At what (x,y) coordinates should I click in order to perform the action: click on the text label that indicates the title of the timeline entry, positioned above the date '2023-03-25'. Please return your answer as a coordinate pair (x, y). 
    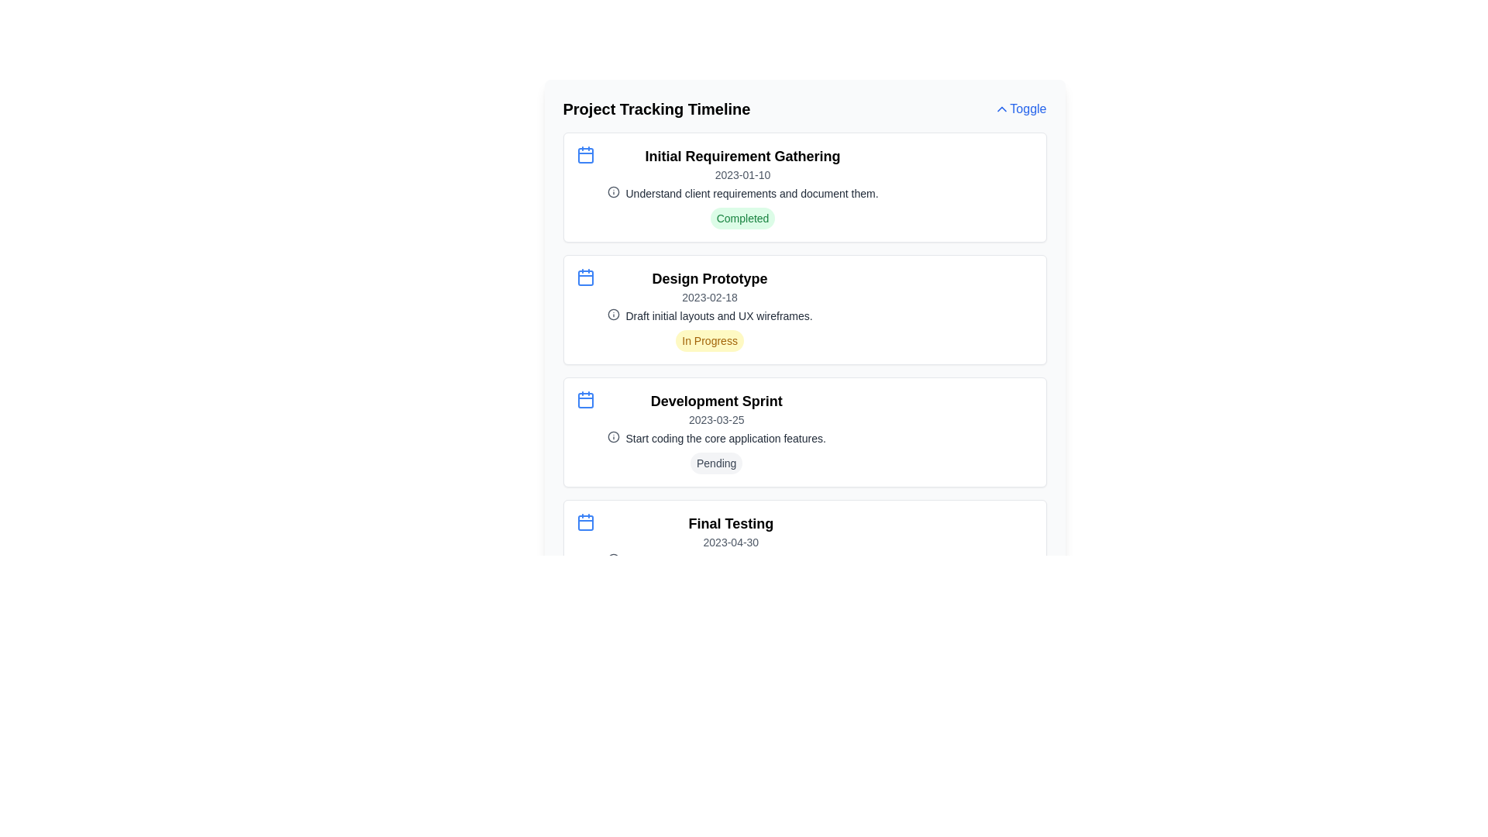
    Looking at the image, I should click on (715, 400).